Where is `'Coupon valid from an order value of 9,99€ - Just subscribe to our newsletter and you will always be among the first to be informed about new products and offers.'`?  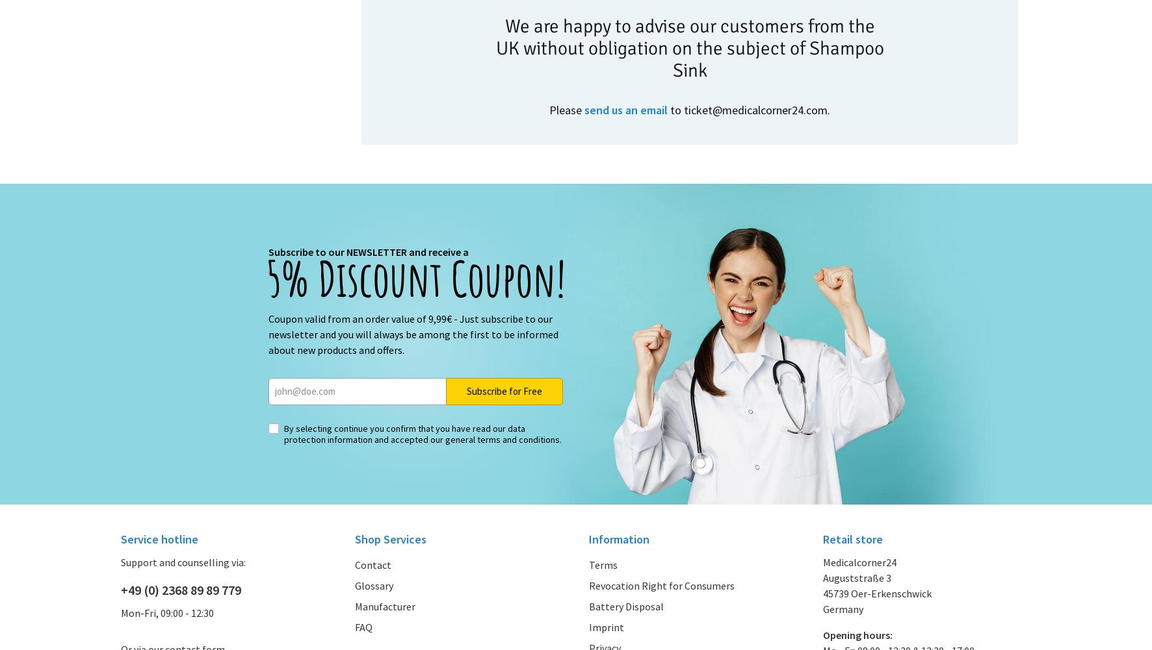 'Coupon valid from an order value of 9,99€ - Just subscribe to our newsletter and you will always be among the first to be informed about new products and offers.' is located at coordinates (413, 333).